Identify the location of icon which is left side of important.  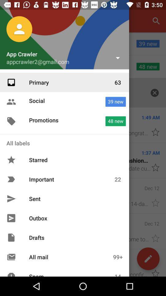
(11, 179).